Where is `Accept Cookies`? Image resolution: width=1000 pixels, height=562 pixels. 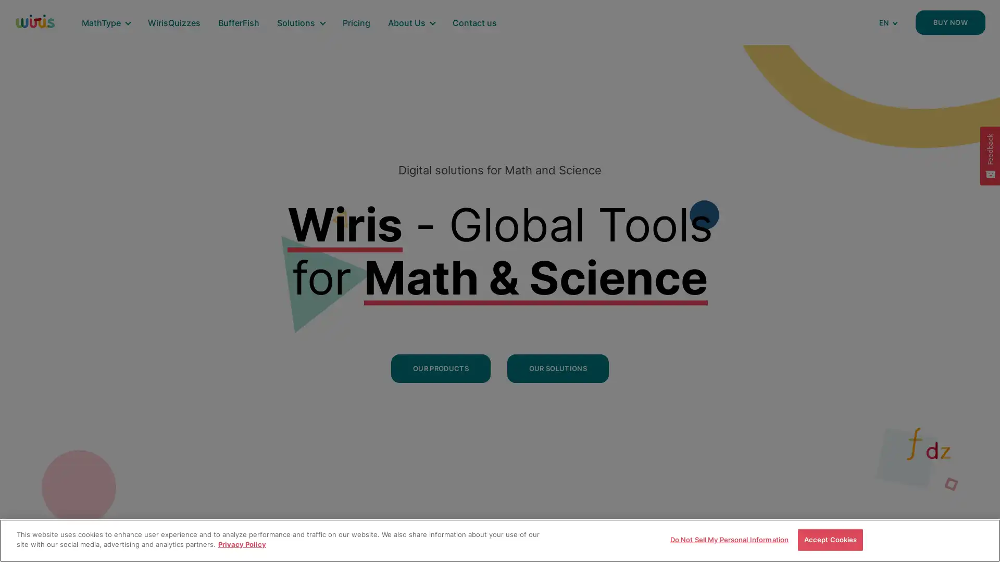 Accept Cookies is located at coordinates (830, 539).